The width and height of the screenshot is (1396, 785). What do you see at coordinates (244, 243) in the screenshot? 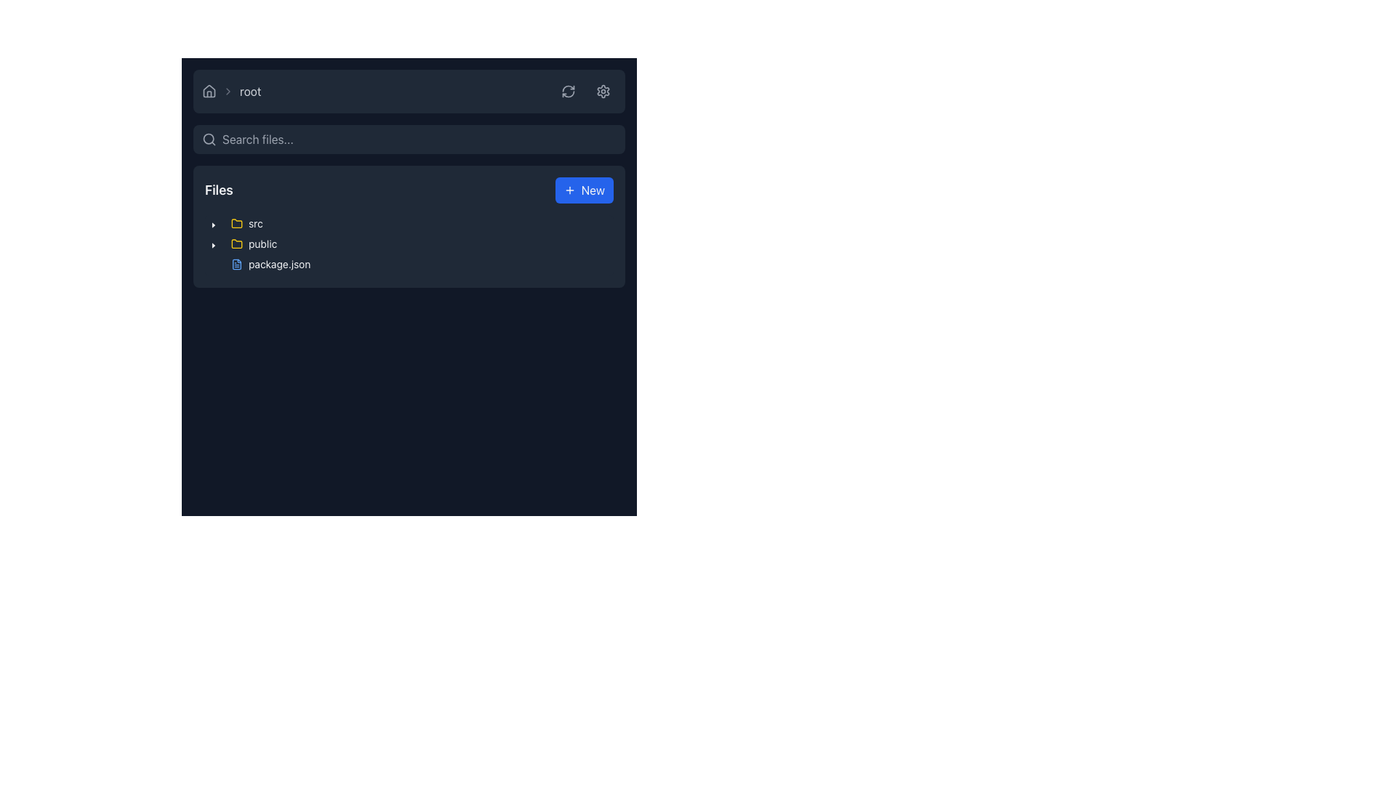
I see `the caret of the 'public' folder in the TreeViewItem` at bounding box center [244, 243].